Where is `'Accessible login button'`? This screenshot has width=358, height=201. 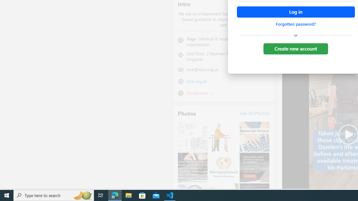
'Accessible login button' is located at coordinates (295, 12).